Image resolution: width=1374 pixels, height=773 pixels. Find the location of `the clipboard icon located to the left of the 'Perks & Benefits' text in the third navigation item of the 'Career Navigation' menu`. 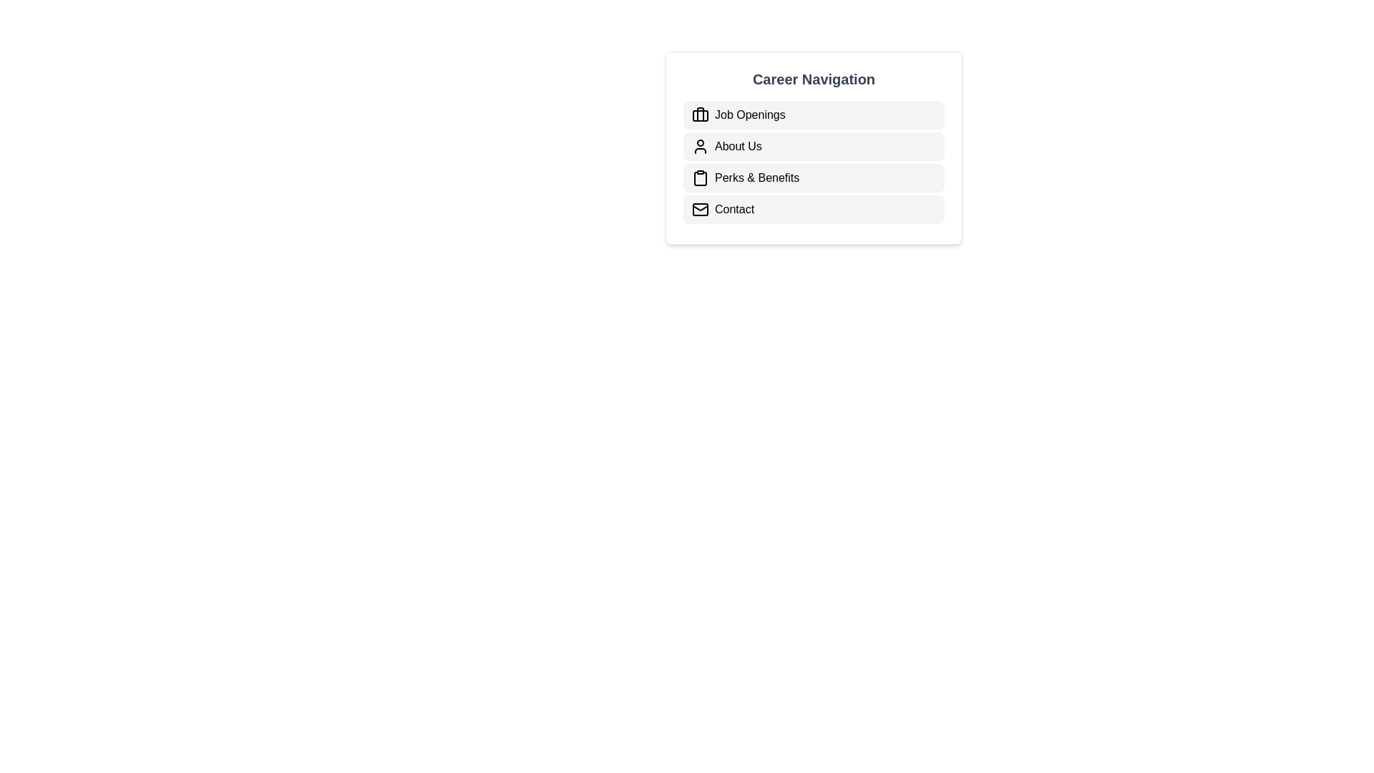

the clipboard icon located to the left of the 'Perks & Benefits' text in the third navigation item of the 'Career Navigation' menu is located at coordinates (701, 178).